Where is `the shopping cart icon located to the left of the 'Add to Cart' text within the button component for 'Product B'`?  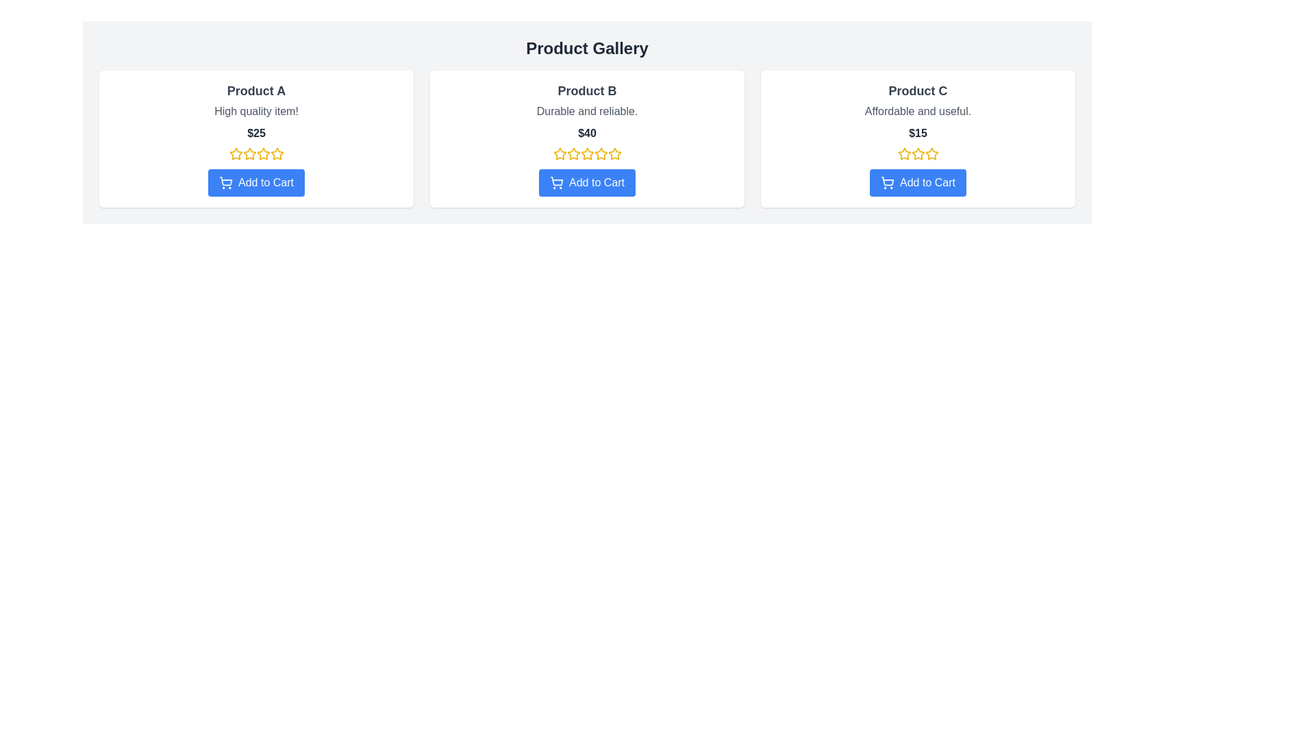
the shopping cart icon located to the left of the 'Add to Cart' text within the button component for 'Product B' is located at coordinates (557, 182).